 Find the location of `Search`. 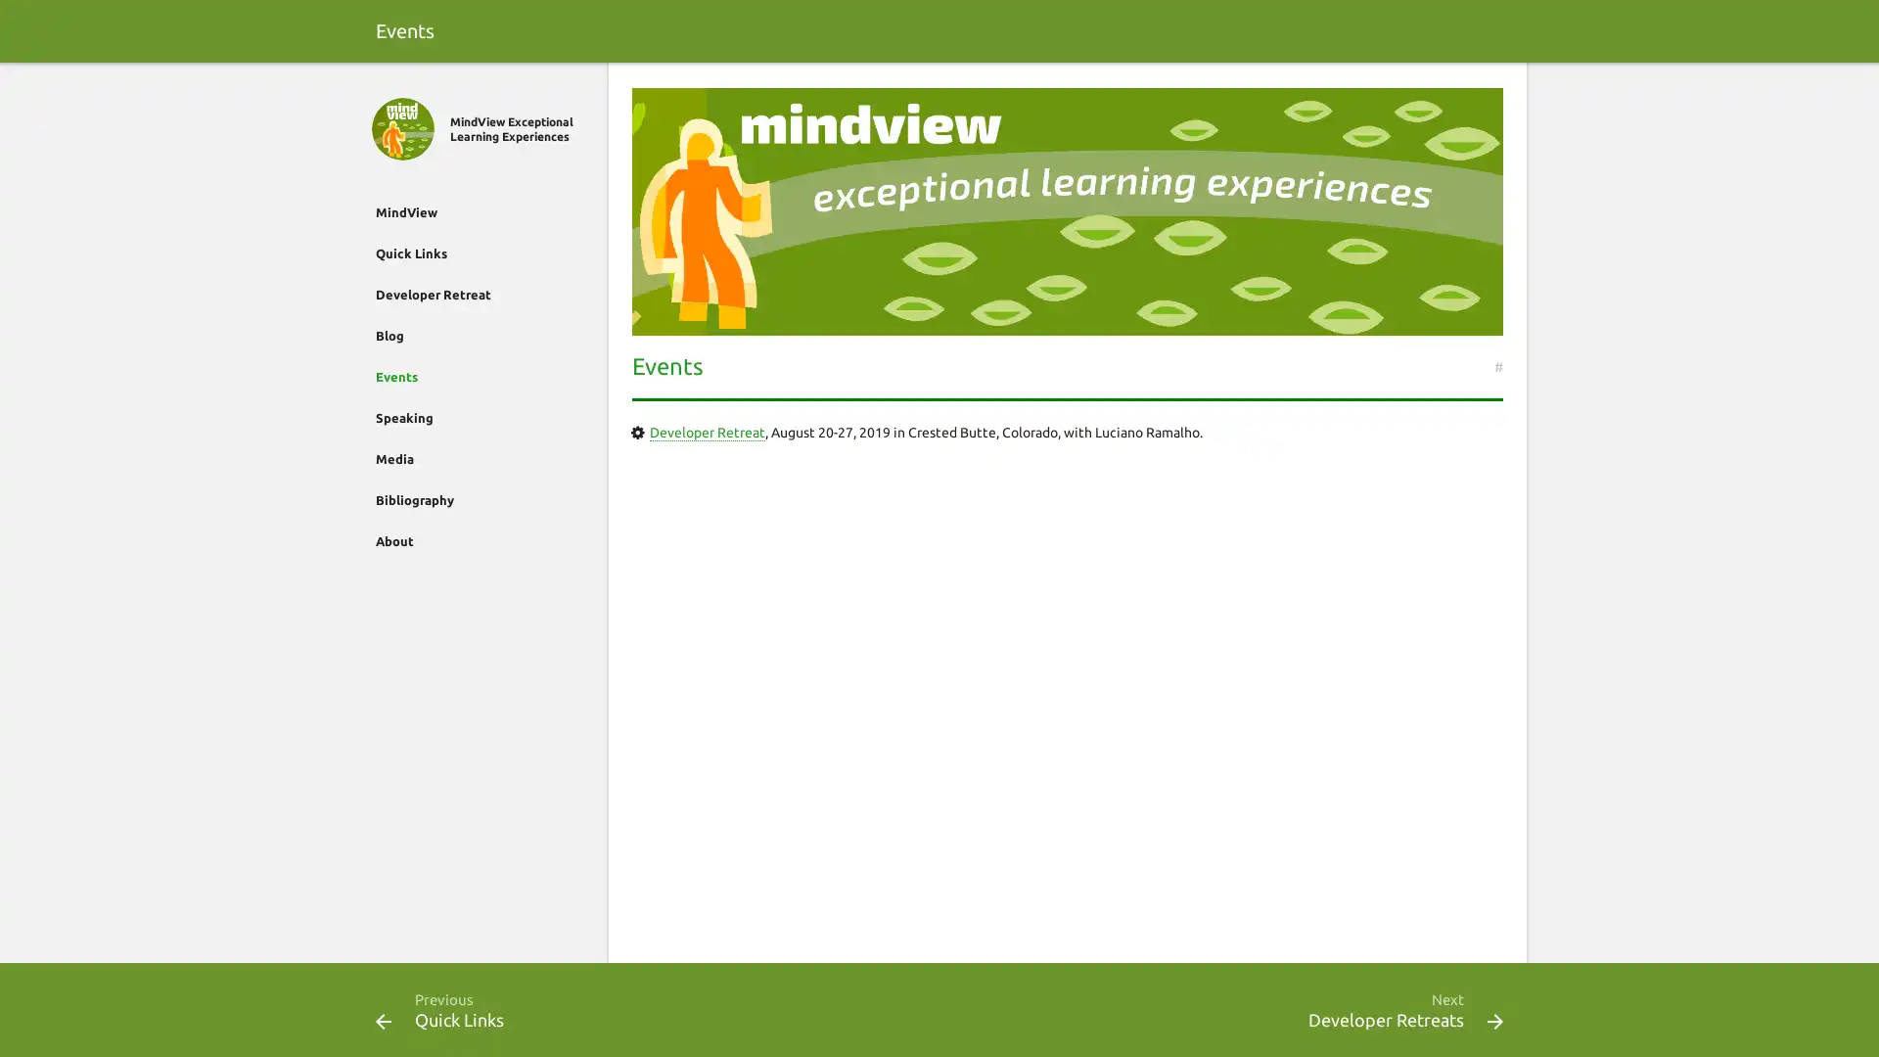

Search is located at coordinates (1493, 85).